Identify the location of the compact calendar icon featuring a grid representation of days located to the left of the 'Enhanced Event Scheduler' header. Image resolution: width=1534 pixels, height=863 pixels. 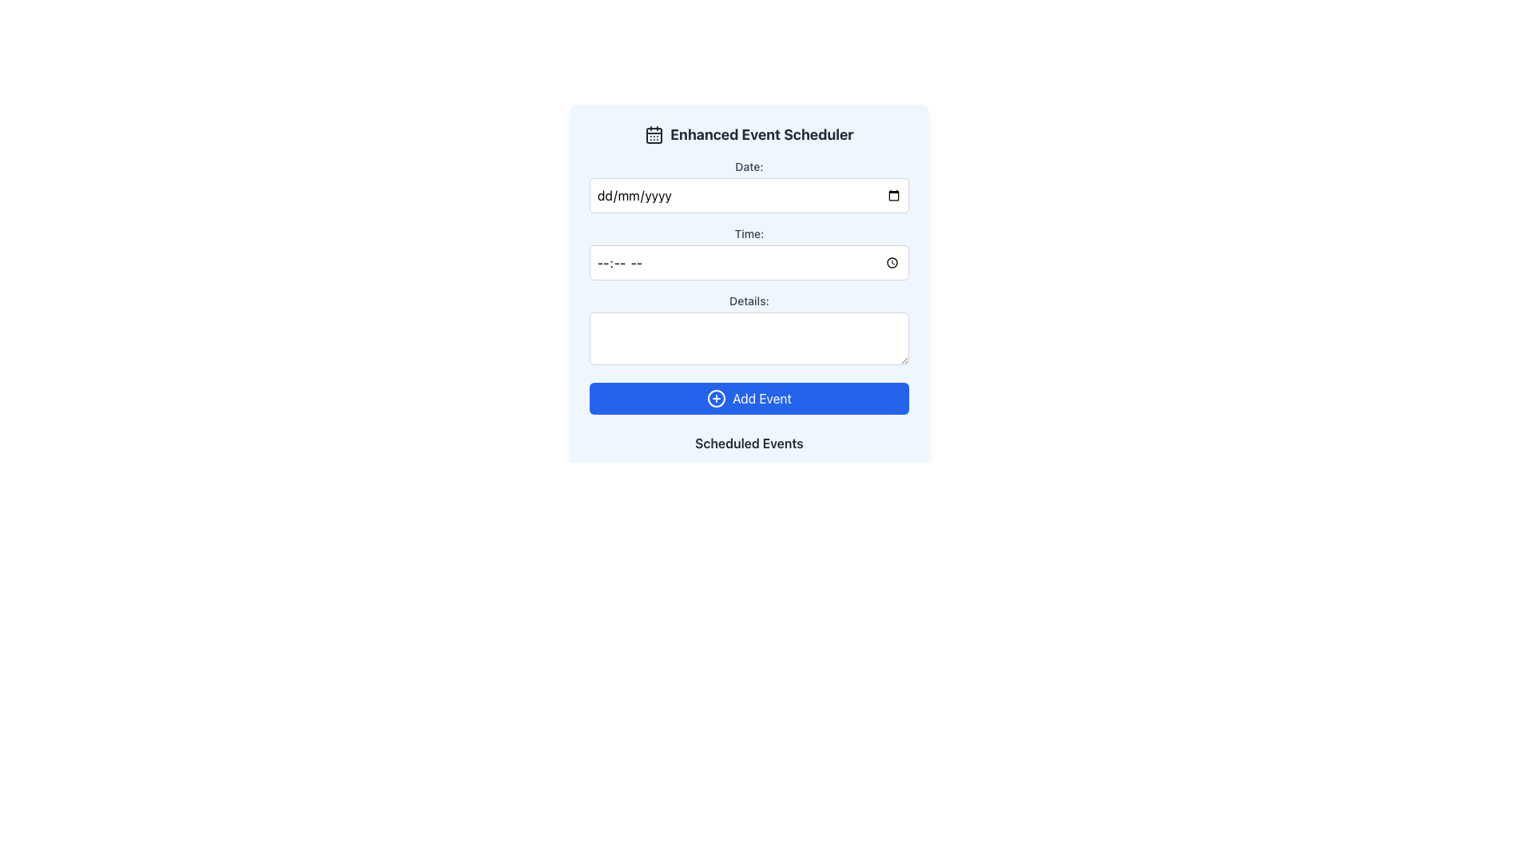
(654, 134).